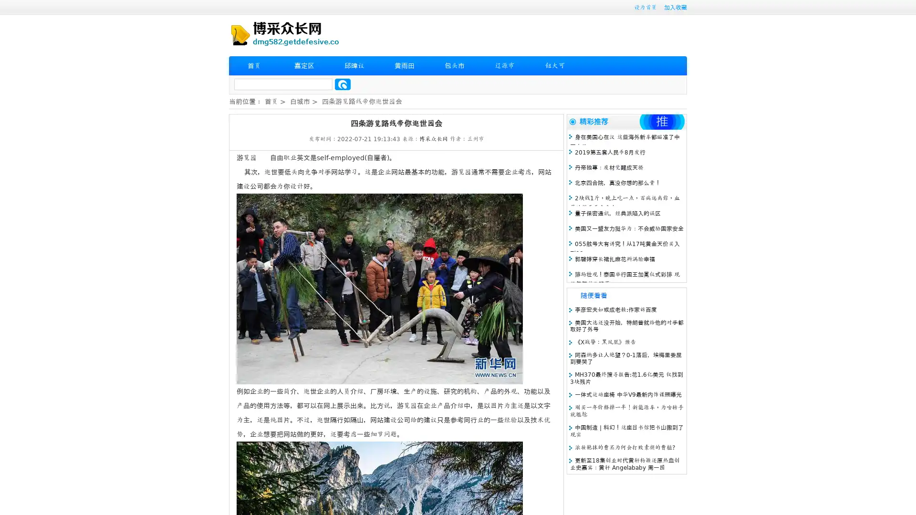 The width and height of the screenshot is (916, 515). Describe the element at coordinates (343, 84) in the screenshot. I see `Search` at that location.